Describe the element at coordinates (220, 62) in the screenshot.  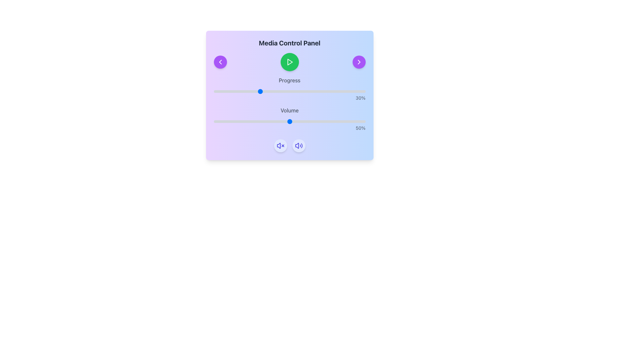
I see `the left-pointing chevron icon within the purple circular button on the top-left corner of the media control panel` at that location.